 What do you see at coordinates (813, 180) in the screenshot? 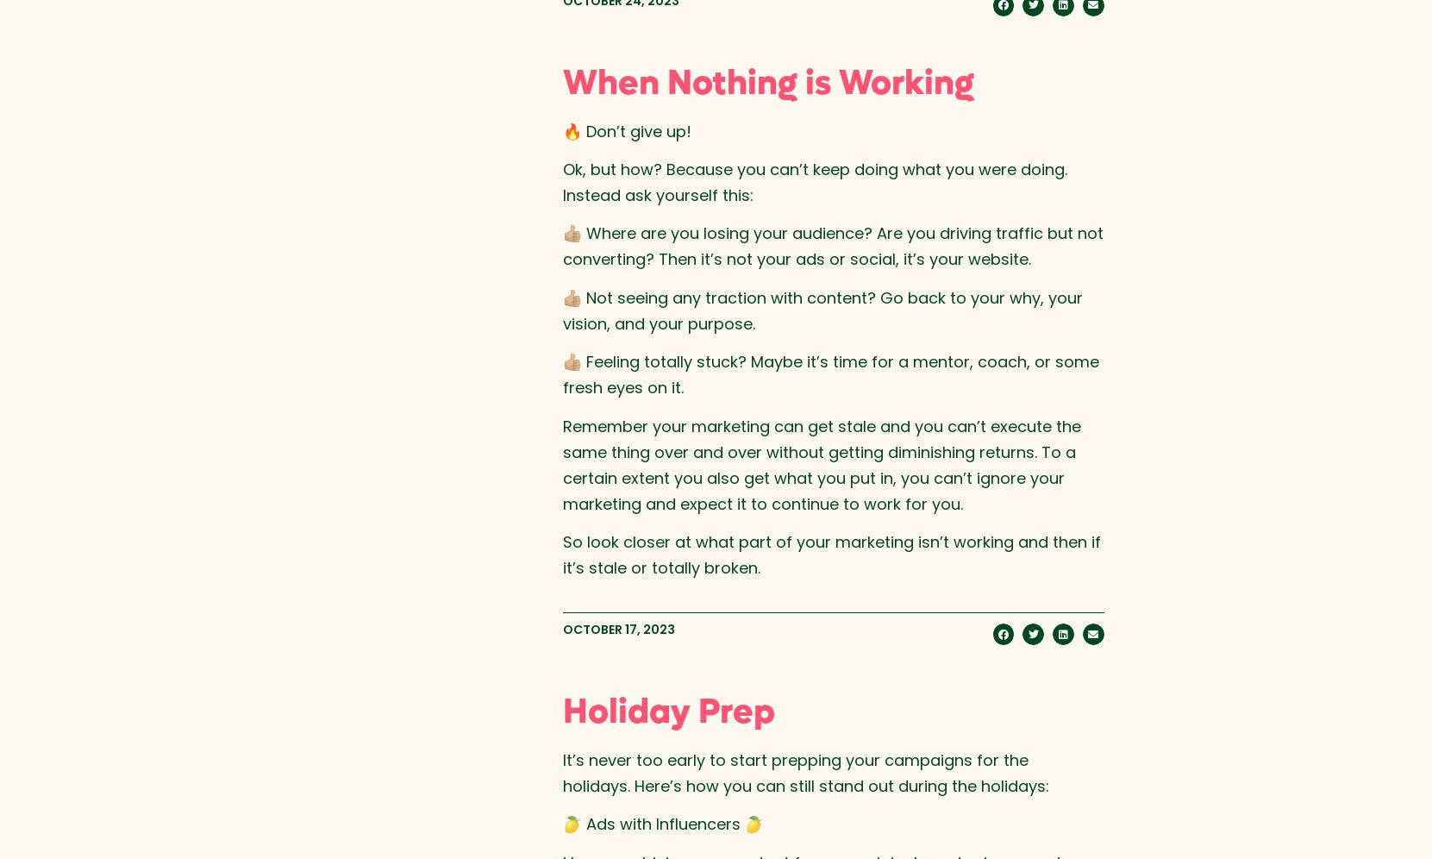
I see `'Ok, but how? Because you can’t keep doing what you were doing. Instead ask yourself this:'` at bounding box center [813, 180].